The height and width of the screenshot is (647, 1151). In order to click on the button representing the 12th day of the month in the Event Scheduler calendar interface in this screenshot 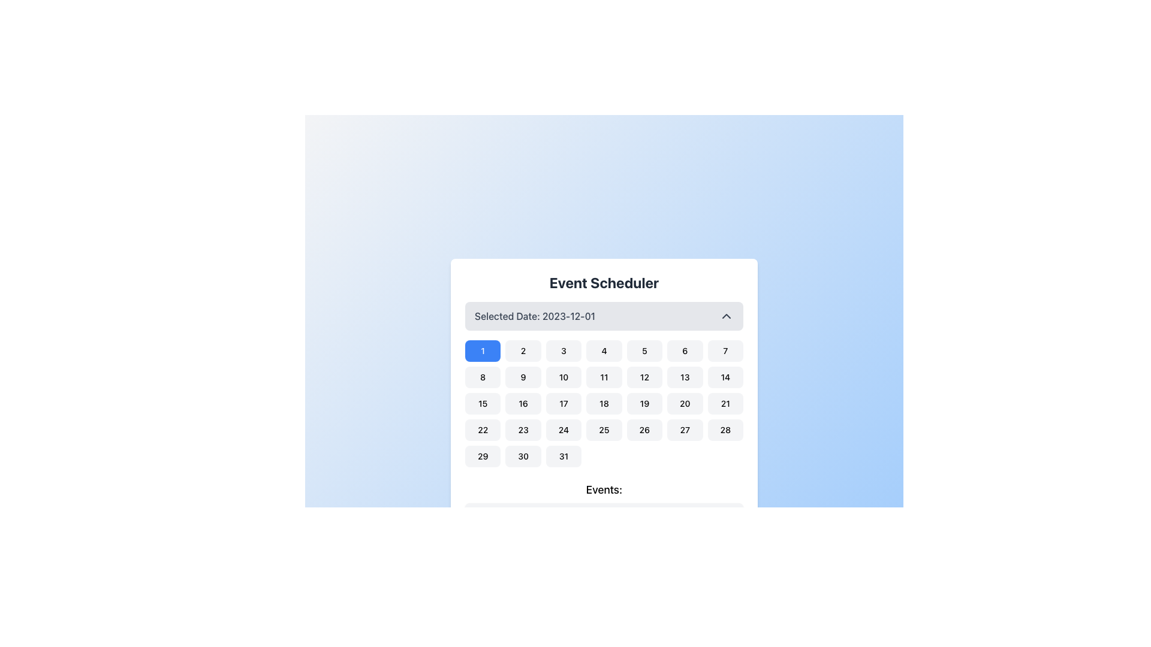, I will do `click(644, 376)`.